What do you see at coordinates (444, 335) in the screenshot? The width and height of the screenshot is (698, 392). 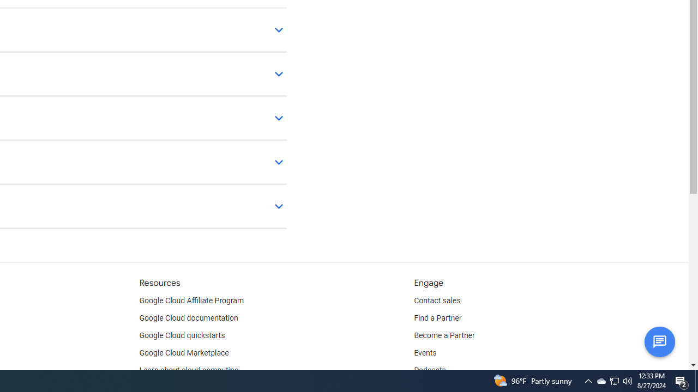 I see `'Become a Partner'` at bounding box center [444, 335].